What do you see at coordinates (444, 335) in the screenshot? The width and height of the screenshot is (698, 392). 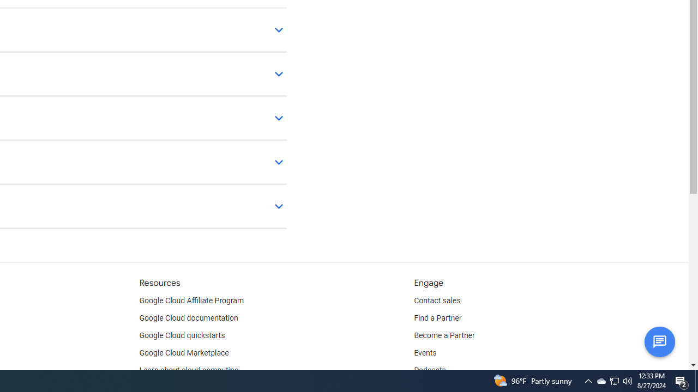 I see `'Become a Partner'` at bounding box center [444, 335].